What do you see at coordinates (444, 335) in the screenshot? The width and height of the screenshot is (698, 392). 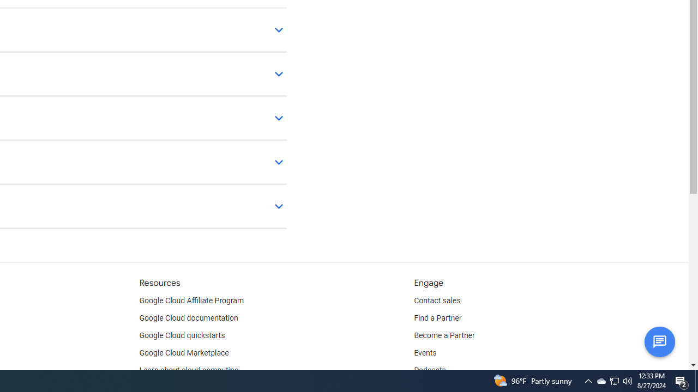 I see `'Become a Partner'` at bounding box center [444, 335].